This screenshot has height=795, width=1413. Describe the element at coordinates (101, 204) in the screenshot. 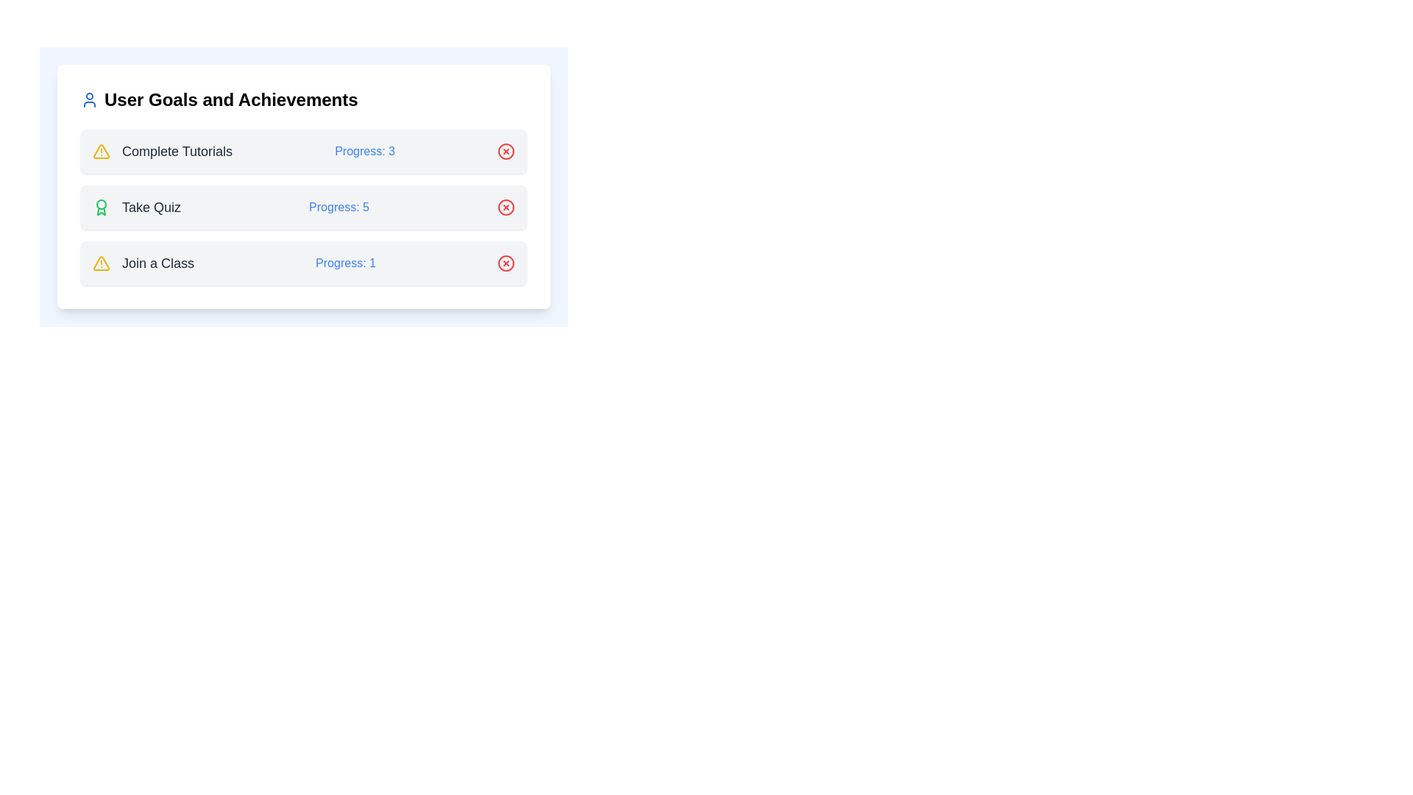

I see `the circular SVG element located to the left of the 'Take Quiz' label in the 'User Goals and Achievements' section using accessibility tools` at that location.